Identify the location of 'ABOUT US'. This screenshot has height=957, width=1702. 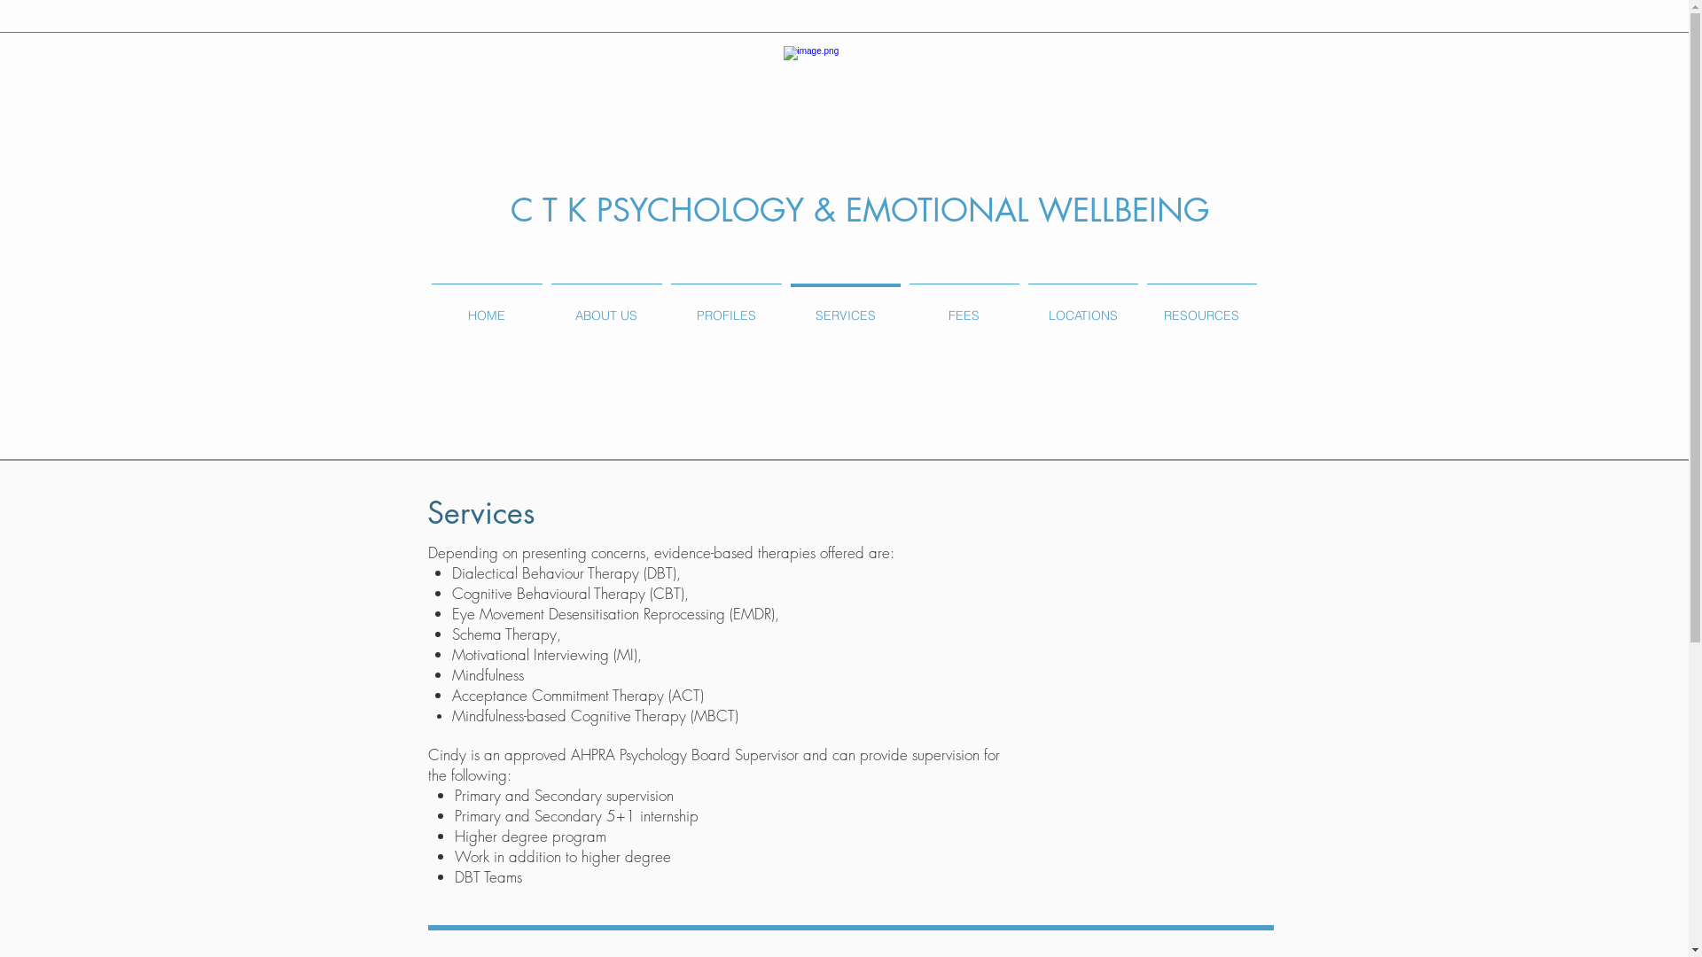
(605, 307).